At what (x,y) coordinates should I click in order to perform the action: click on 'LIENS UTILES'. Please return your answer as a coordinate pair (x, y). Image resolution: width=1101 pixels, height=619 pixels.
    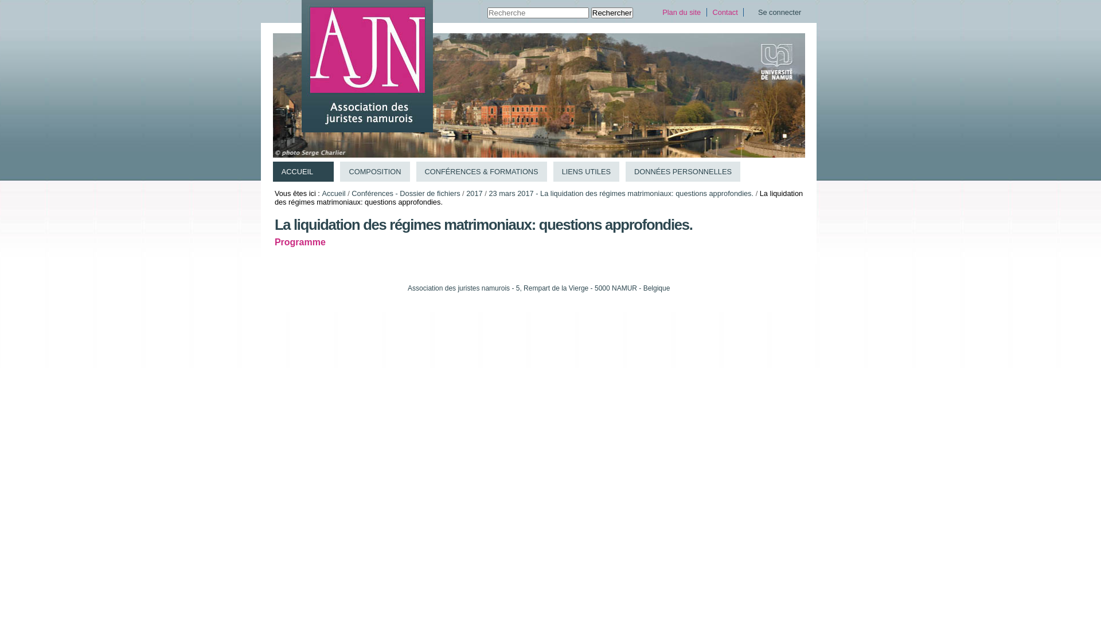
    Looking at the image, I should click on (586, 171).